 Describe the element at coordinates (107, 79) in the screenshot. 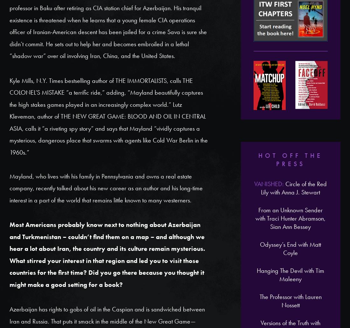

I see `'Dan Mayland spent years exploring the outer limits of Western civilization and beyond. He has been detained by soldiers in Soviet Czechoslovakia, trekked to remote monasteries in Bhutan and Nepal, explored mosques in Iran and Azerbaijan and Turkmenistan, and gone high-altitude mountaineering in Peru and Bolivia. He has written articles for the Iranian.com and his debut spy thriller, THE COLONEL’S MISTAKE, will be released by Thomas & Mercer this August.'` at that location.